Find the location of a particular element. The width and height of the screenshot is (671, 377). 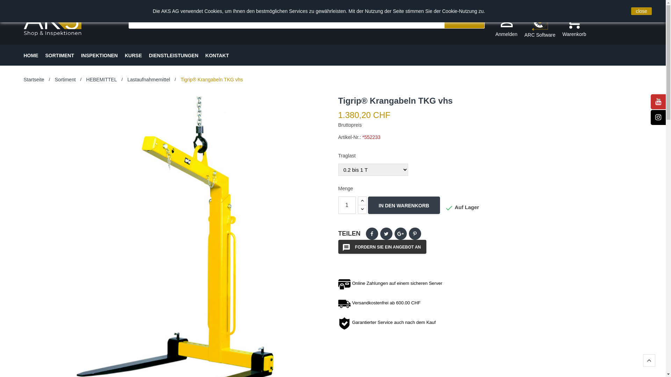

'Startseite' is located at coordinates (34, 79).